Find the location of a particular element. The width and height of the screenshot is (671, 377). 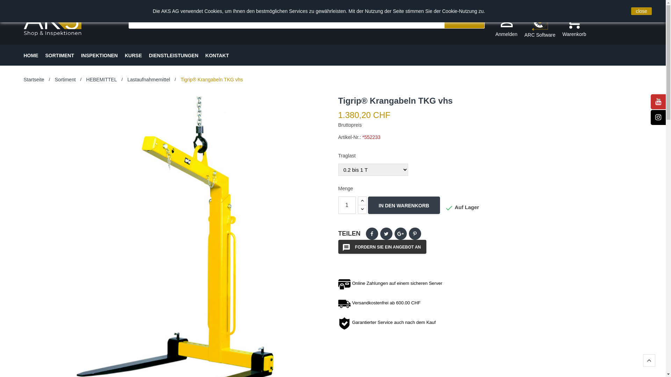

'Startseite' is located at coordinates (34, 79).